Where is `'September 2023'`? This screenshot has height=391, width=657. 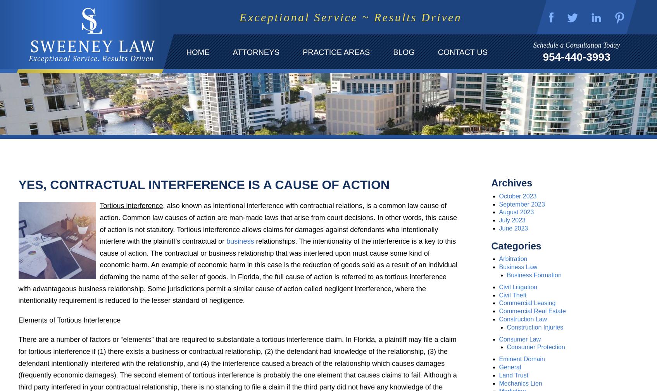 'September 2023' is located at coordinates (521, 204).